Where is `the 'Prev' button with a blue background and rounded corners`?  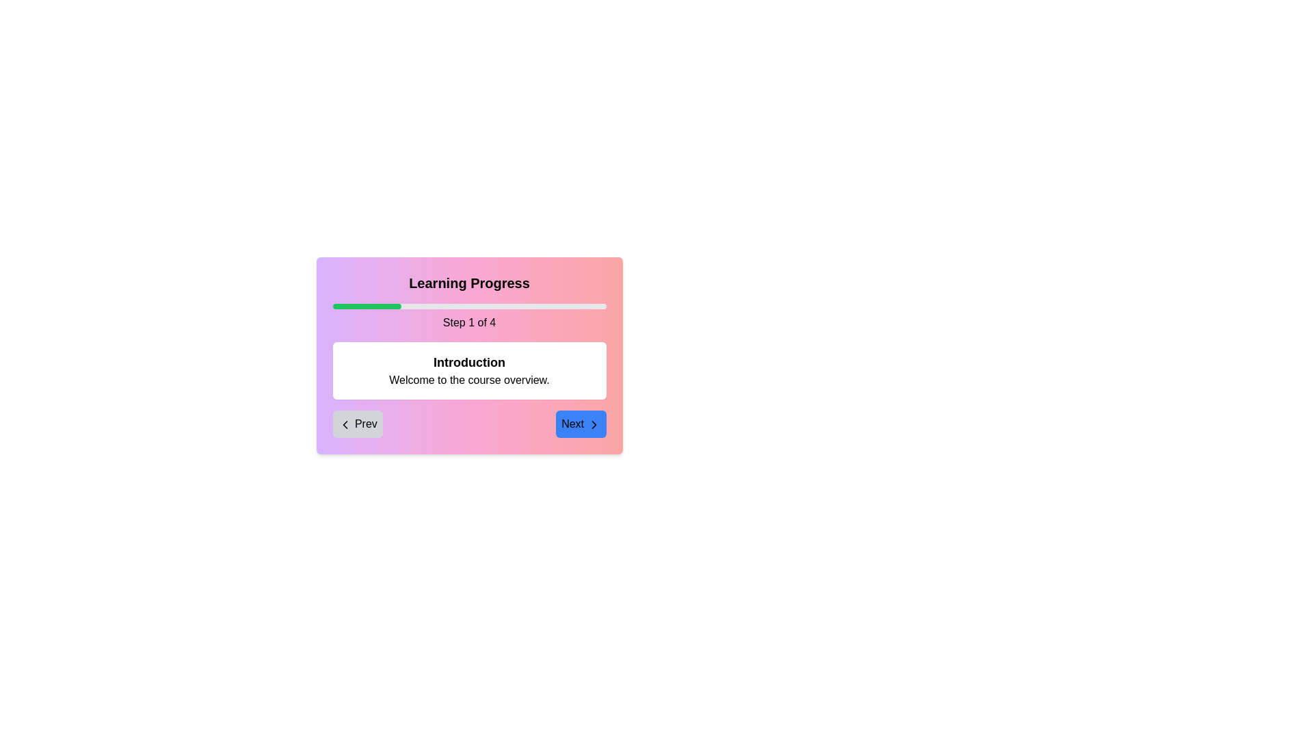 the 'Prev' button with a blue background and rounded corners is located at coordinates (358, 424).